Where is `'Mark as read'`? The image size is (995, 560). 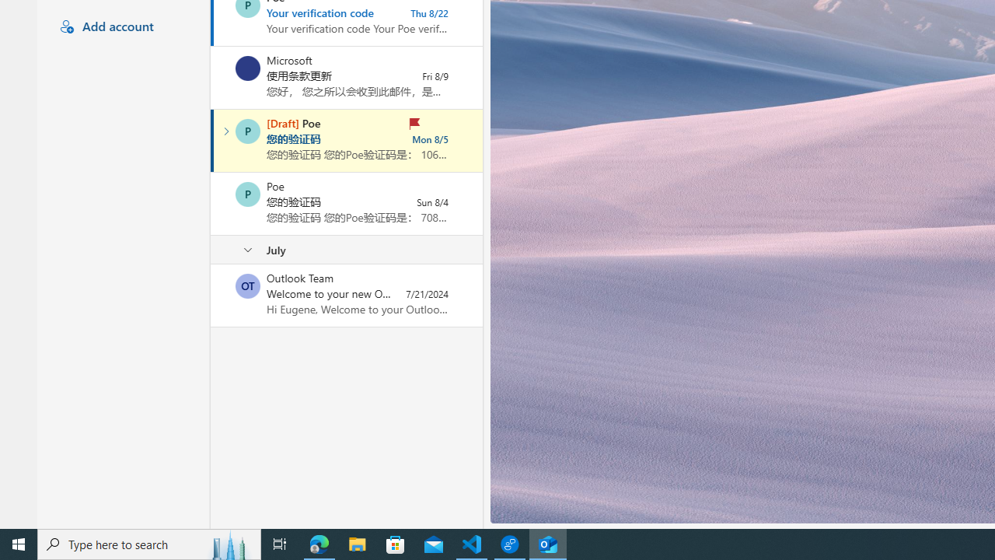
'Mark as read' is located at coordinates (211, 141).